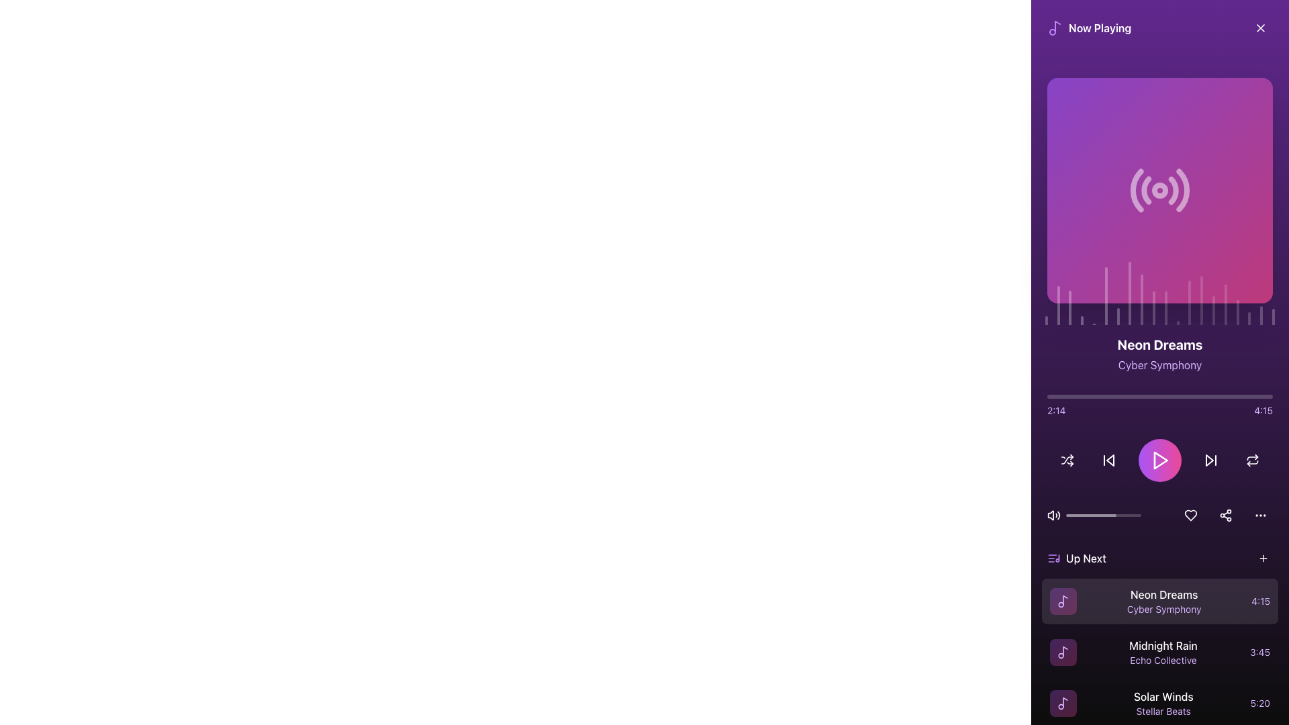  I want to click on the volume slider, so click(1139, 514).